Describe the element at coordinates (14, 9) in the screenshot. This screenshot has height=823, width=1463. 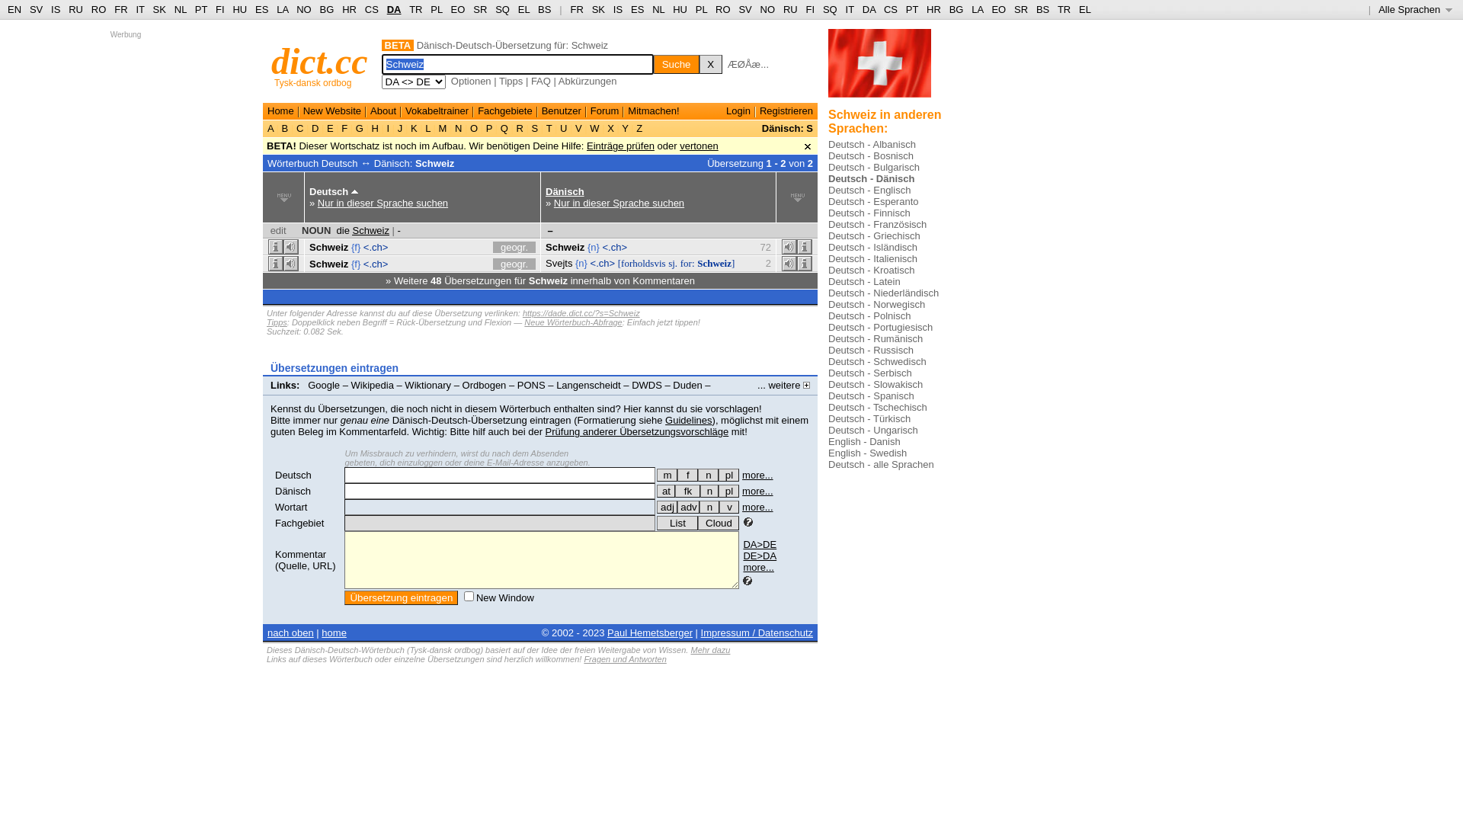
I see `'EN'` at that location.